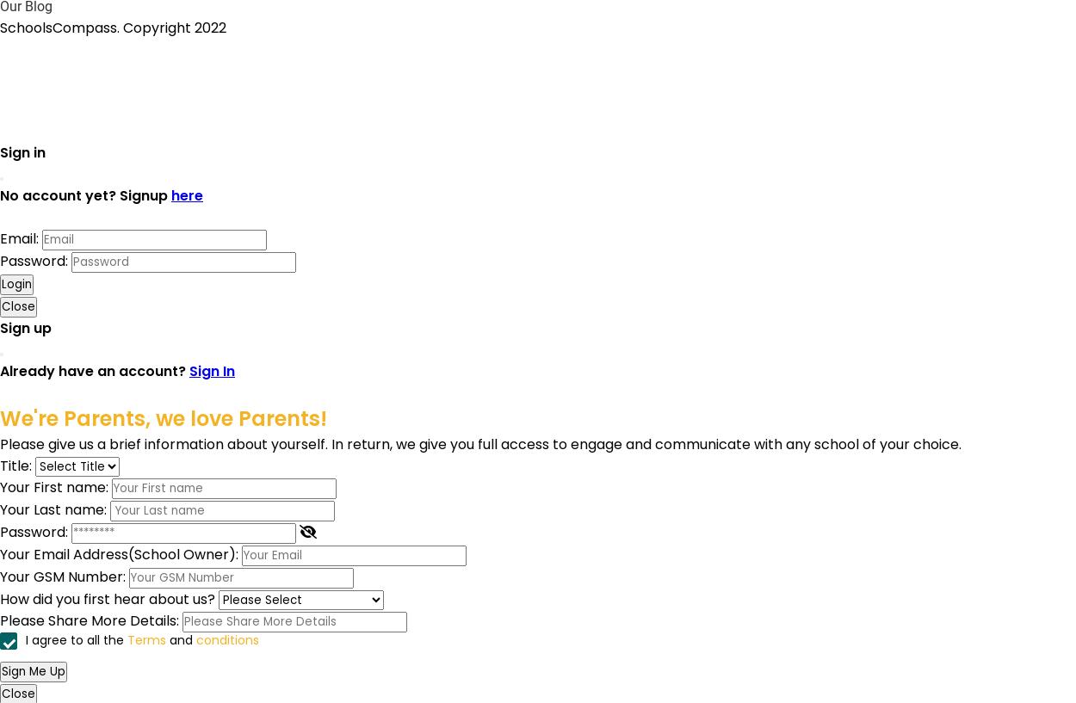 The height and width of the screenshot is (703, 1076). What do you see at coordinates (146, 639) in the screenshot?
I see `'Terms'` at bounding box center [146, 639].